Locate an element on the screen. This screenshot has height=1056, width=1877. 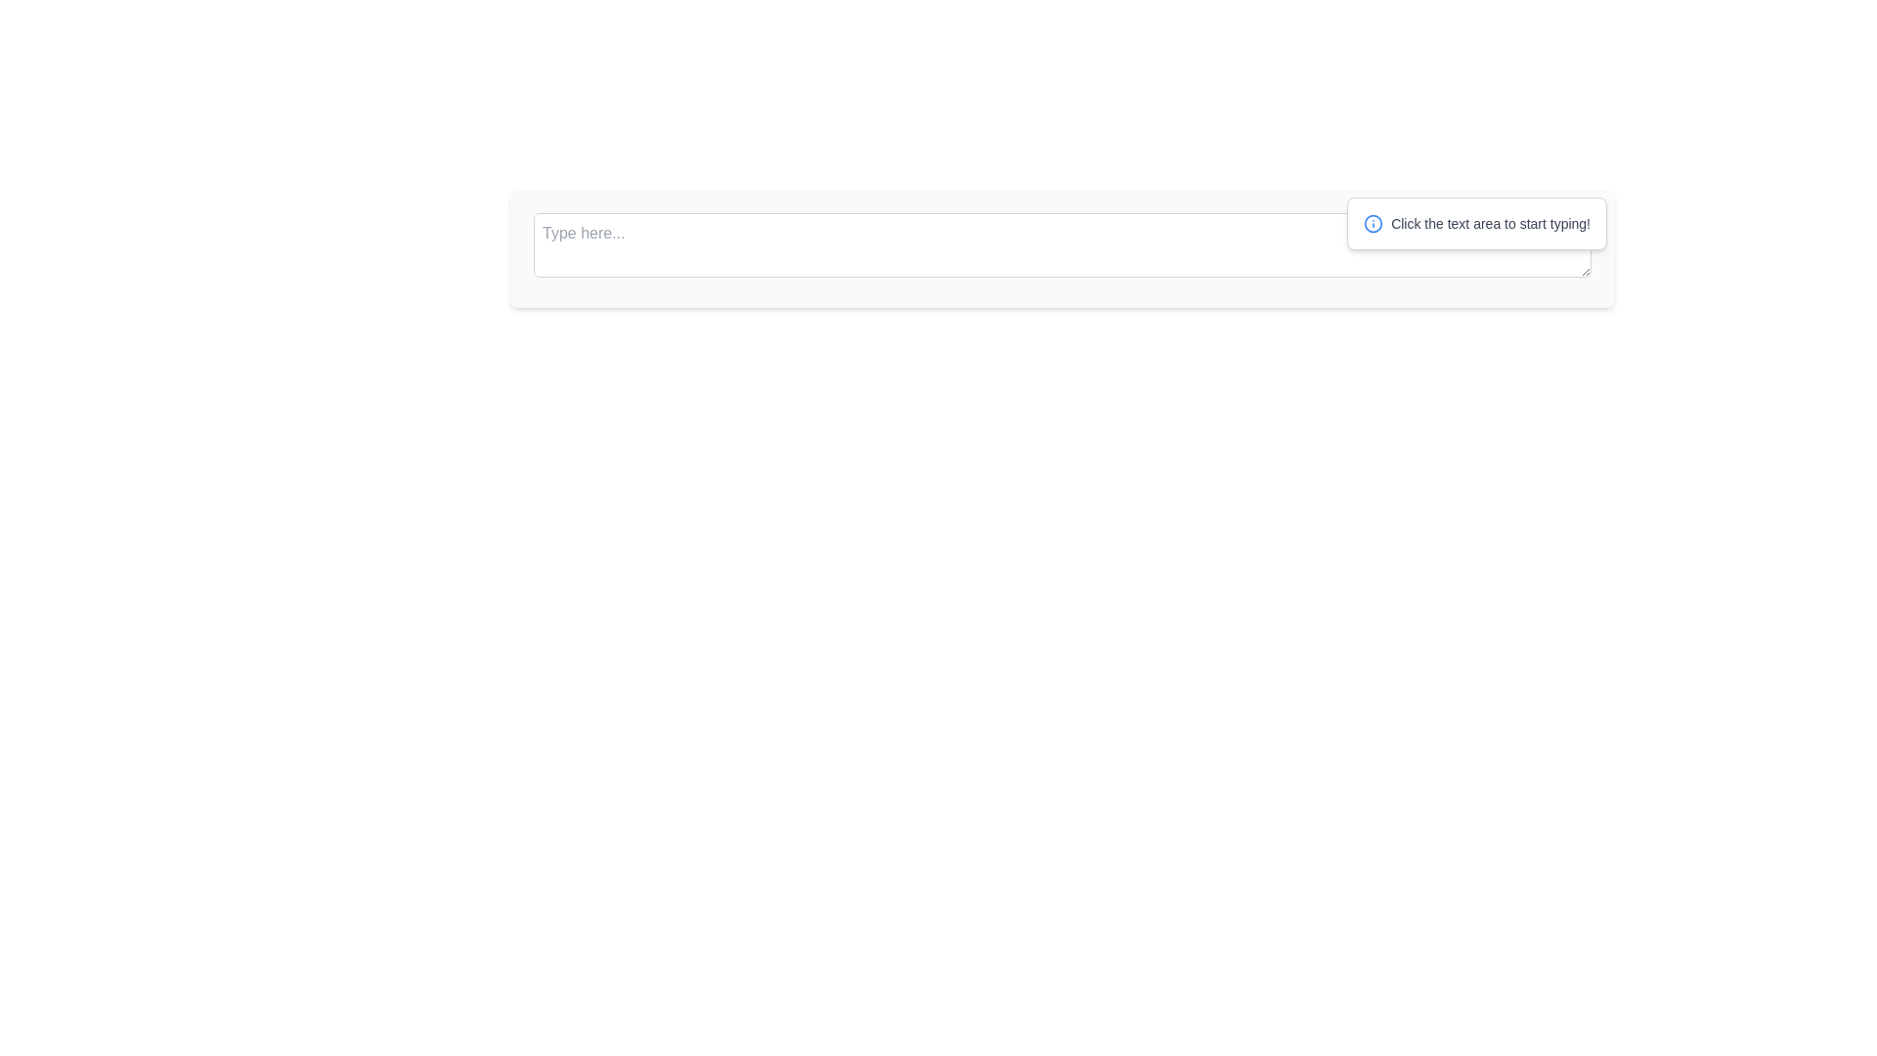
the informational notification box located in the top-right corner above the text entry field is located at coordinates (1477, 222).